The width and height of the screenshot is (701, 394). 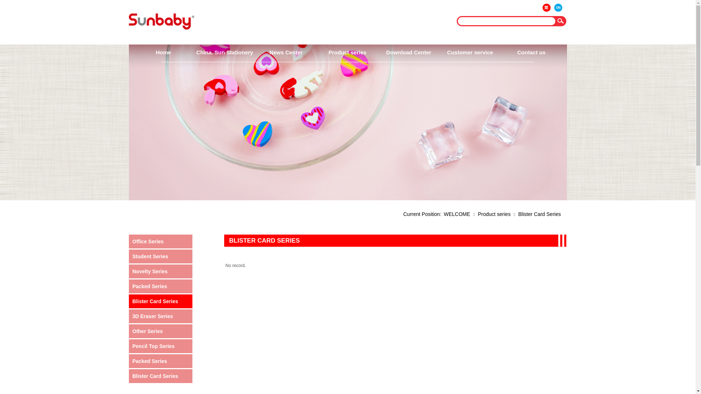 What do you see at coordinates (161, 316) in the screenshot?
I see `'3D Eraser Series'` at bounding box center [161, 316].